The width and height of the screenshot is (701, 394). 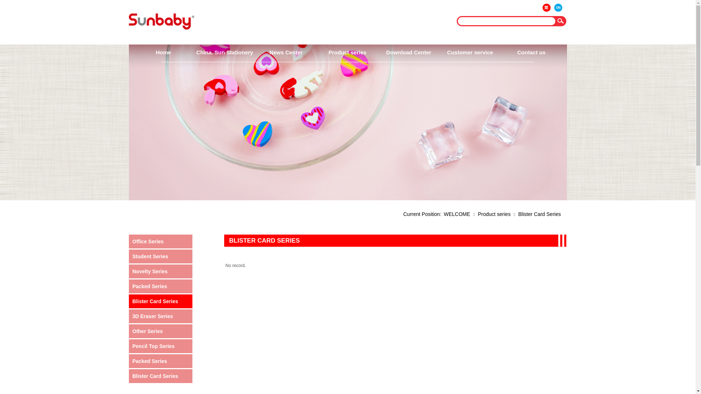 What do you see at coordinates (161, 316) in the screenshot?
I see `'3D Eraser Series'` at bounding box center [161, 316].